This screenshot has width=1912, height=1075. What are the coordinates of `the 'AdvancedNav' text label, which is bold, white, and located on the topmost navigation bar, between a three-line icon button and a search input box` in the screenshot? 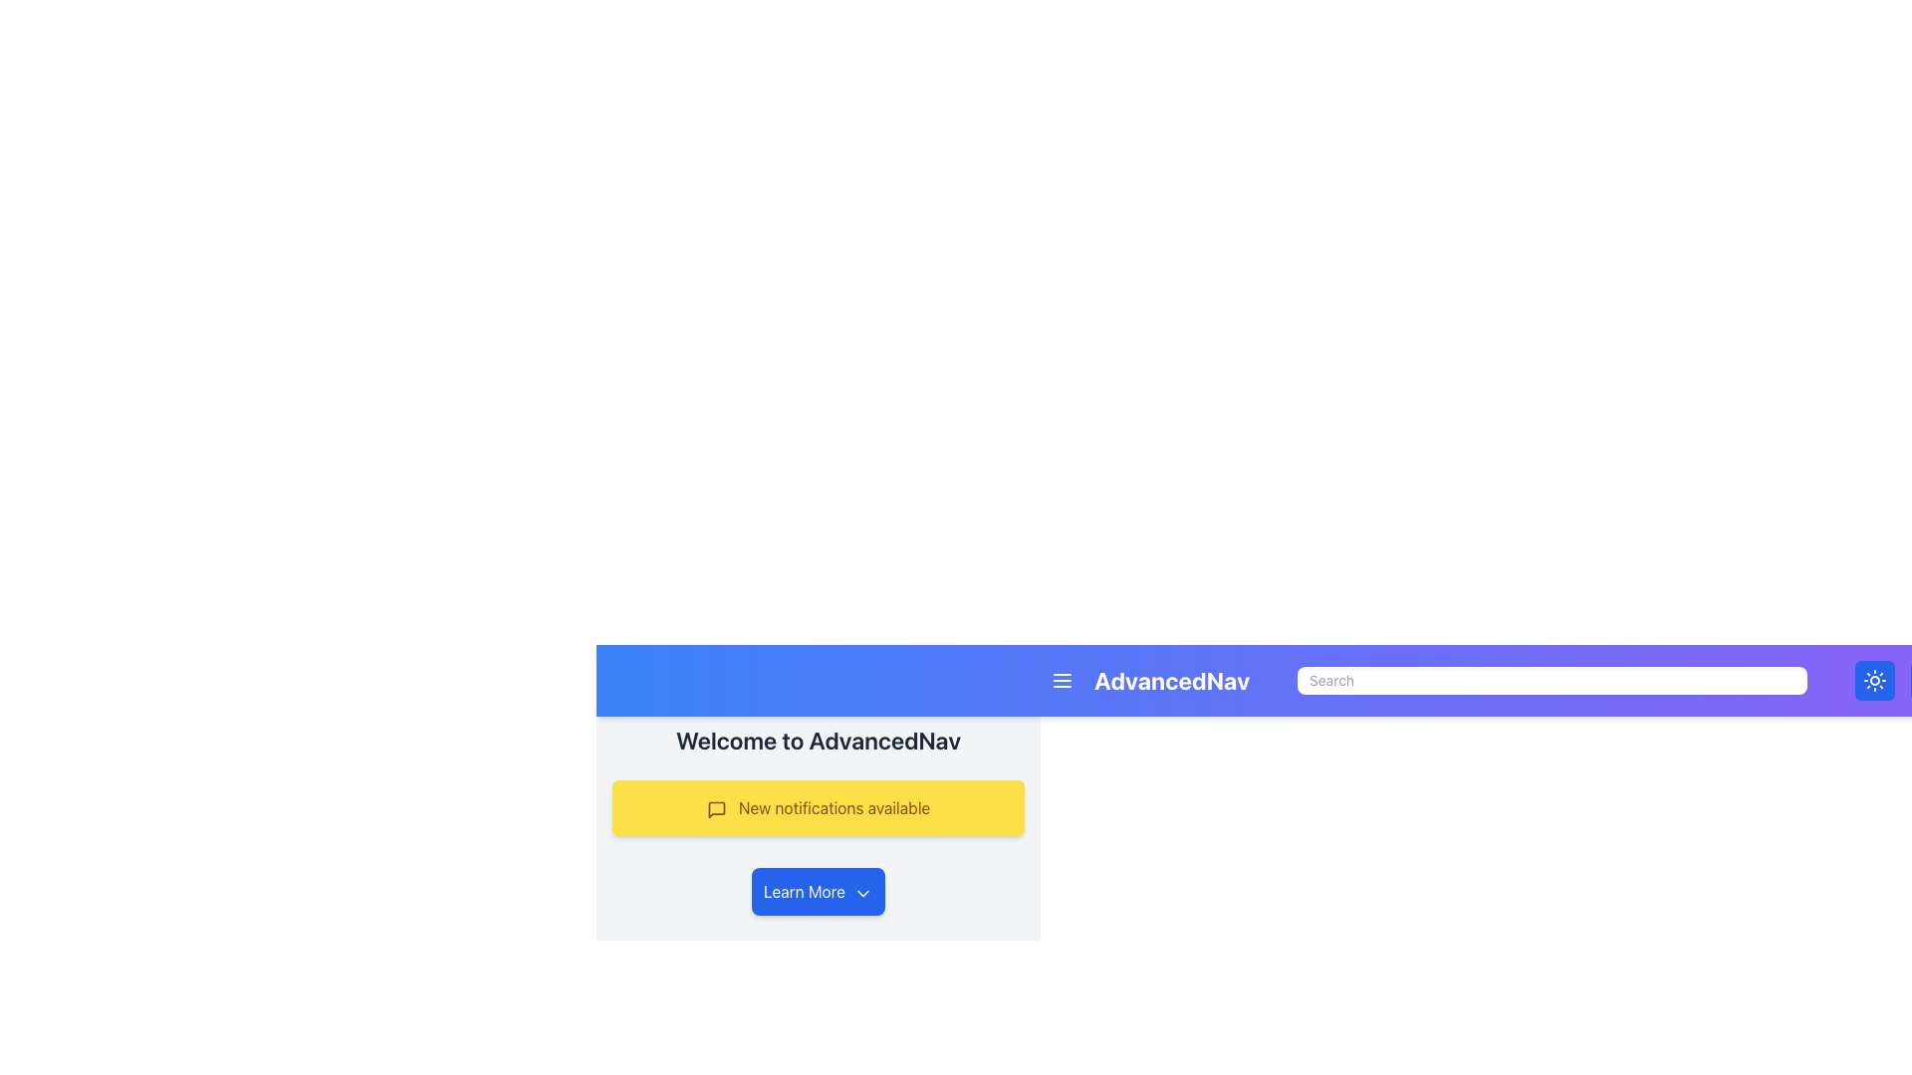 It's located at (1146, 679).